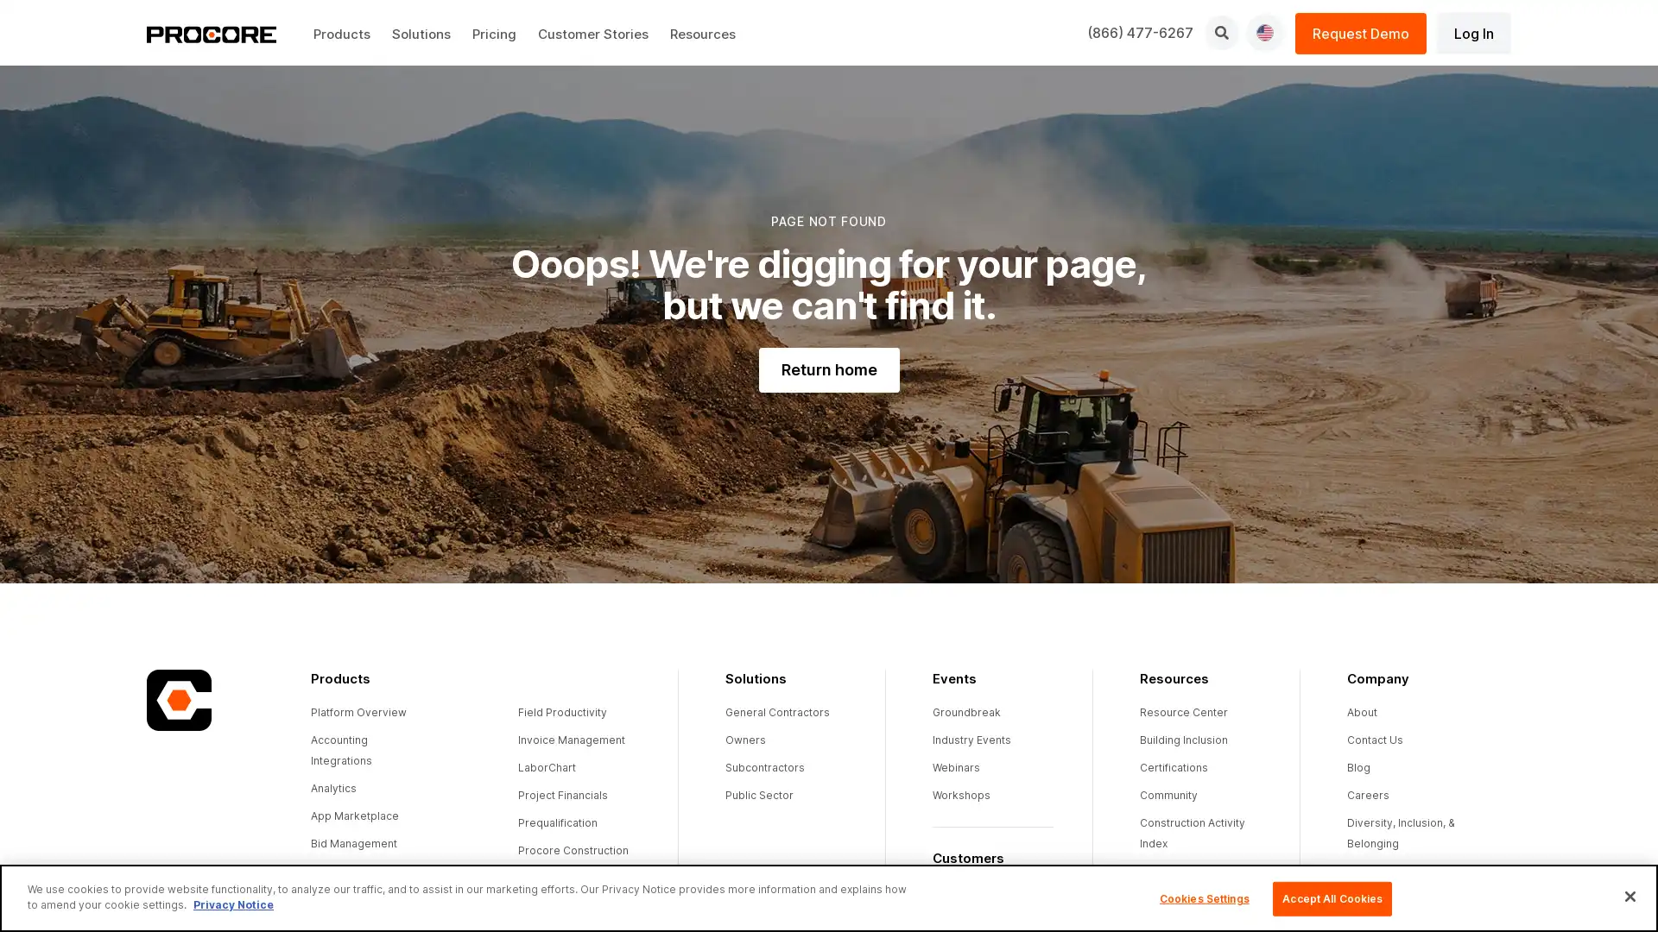 The image size is (1658, 932). What do you see at coordinates (1629, 895) in the screenshot?
I see `Close` at bounding box center [1629, 895].